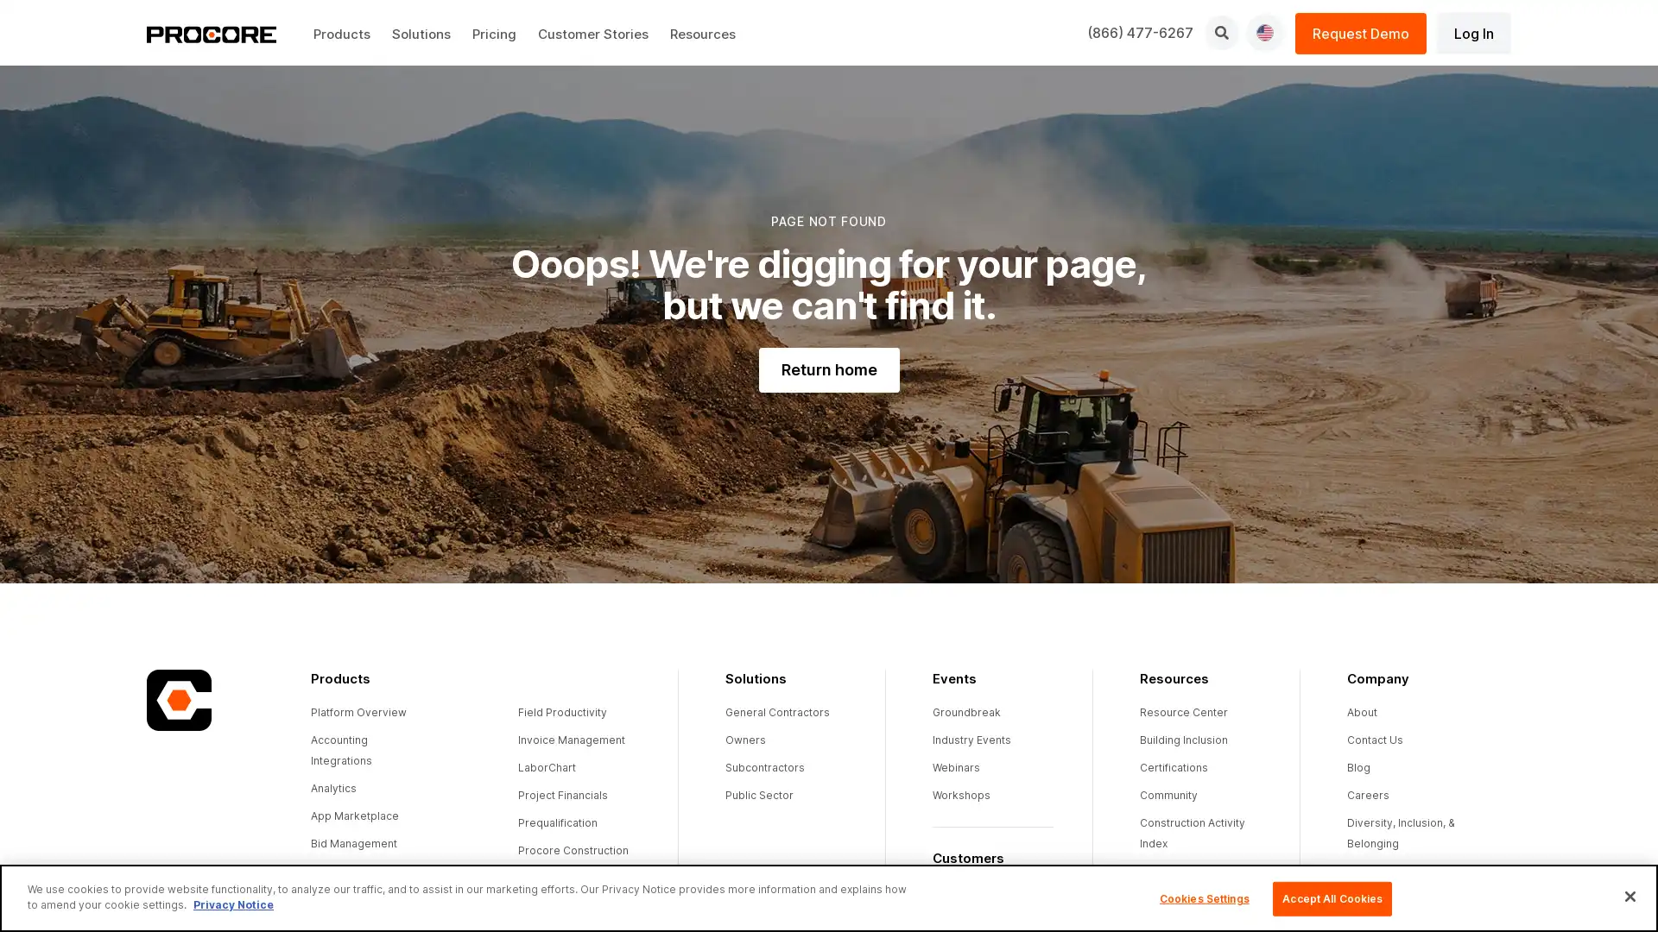 The image size is (1658, 932). What do you see at coordinates (1629, 895) in the screenshot?
I see `Close` at bounding box center [1629, 895].